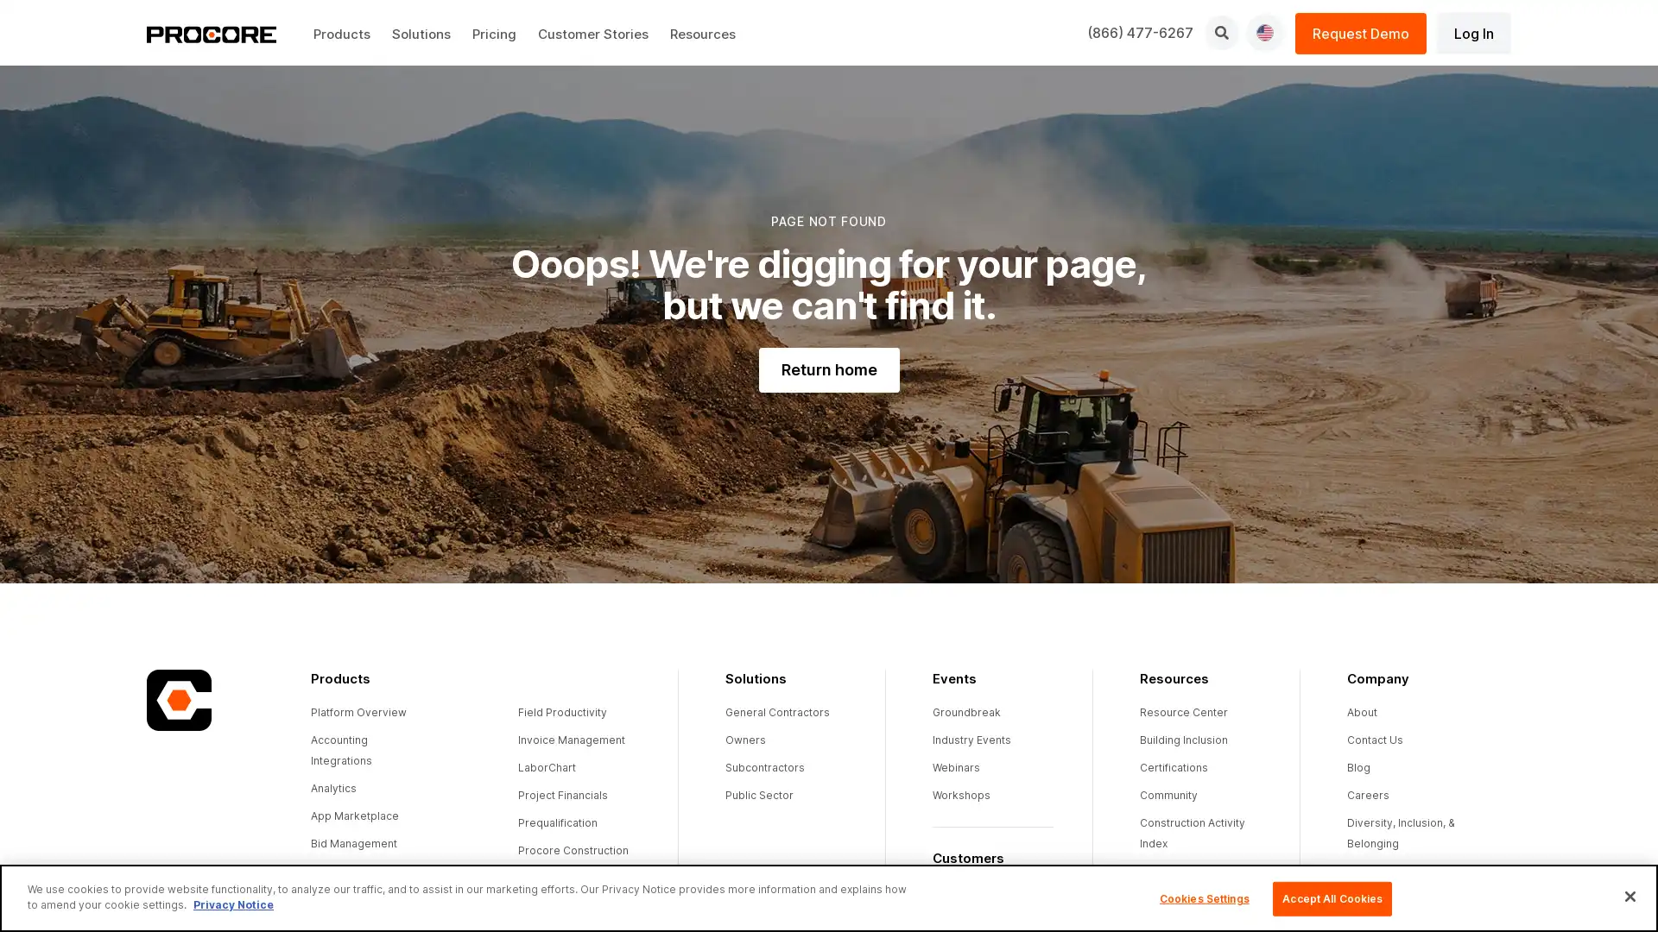 The image size is (1658, 932). What do you see at coordinates (1629, 895) in the screenshot?
I see `Close` at bounding box center [1629, 895].